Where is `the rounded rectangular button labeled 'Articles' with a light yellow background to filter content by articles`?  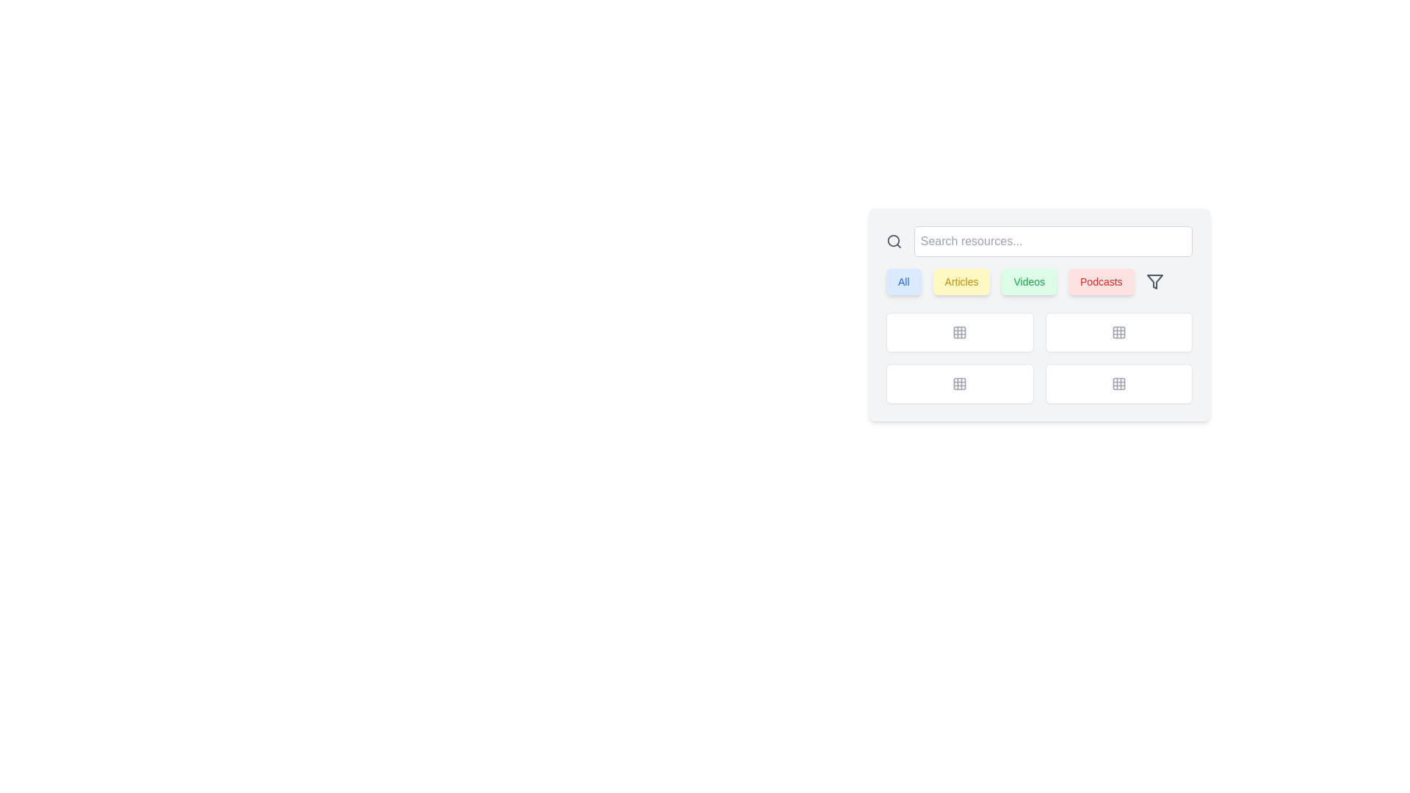
the rounded rectangular button labeled 'Articles' with a light yellow background to filter content by articles is located at coordinates (961, 282).